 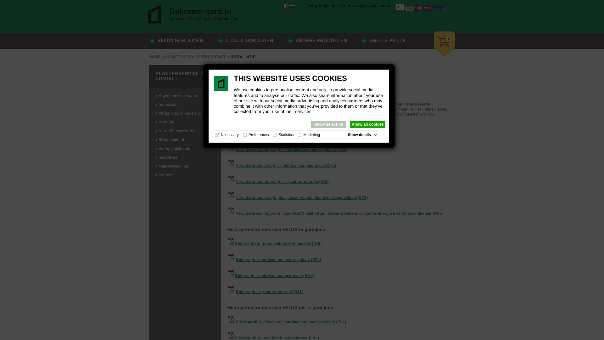 I want to click on 'Klantenservice en contact', so click(x=366, y=6).